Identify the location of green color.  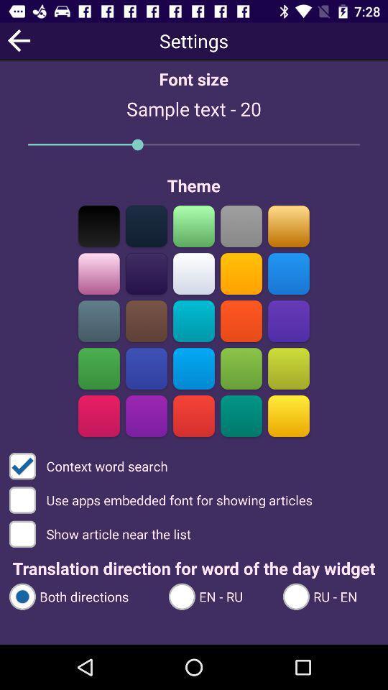
(194, 226).